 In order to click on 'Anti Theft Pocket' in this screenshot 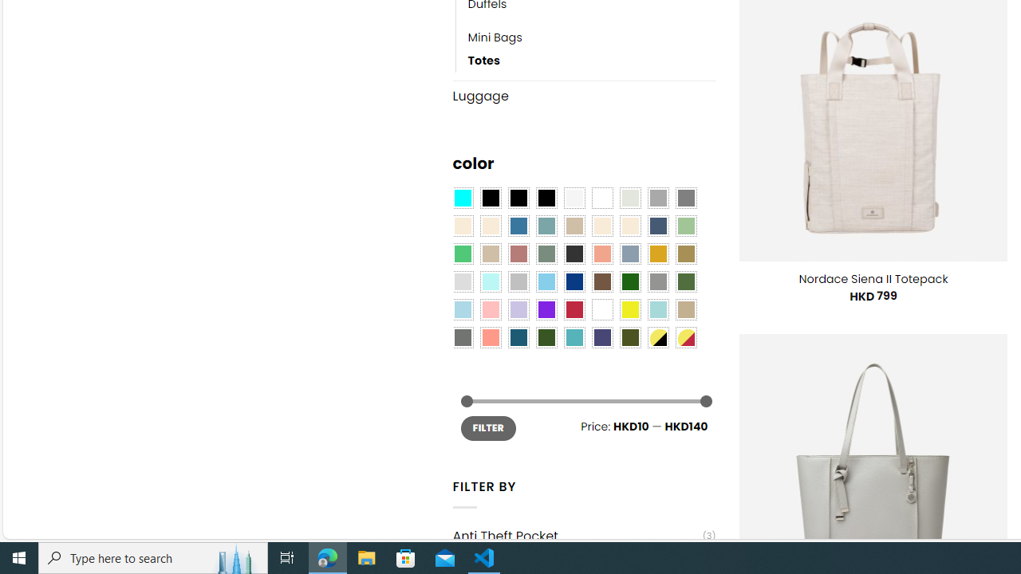, I will do `click(576, 536)`.